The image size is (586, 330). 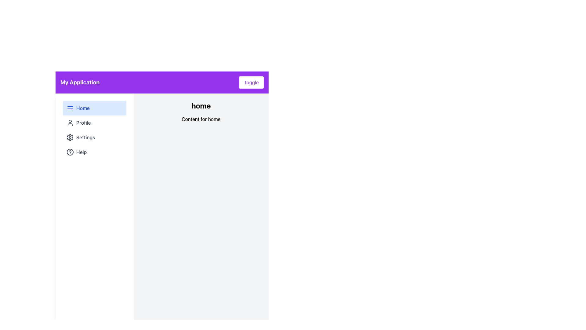 What do you see at coordinates (85, 137) in the screenshot?
I see `the 'Settings' text label in the sidebar menu to trigger tooltips or highlighting effects` at bounding box center [85, 137].